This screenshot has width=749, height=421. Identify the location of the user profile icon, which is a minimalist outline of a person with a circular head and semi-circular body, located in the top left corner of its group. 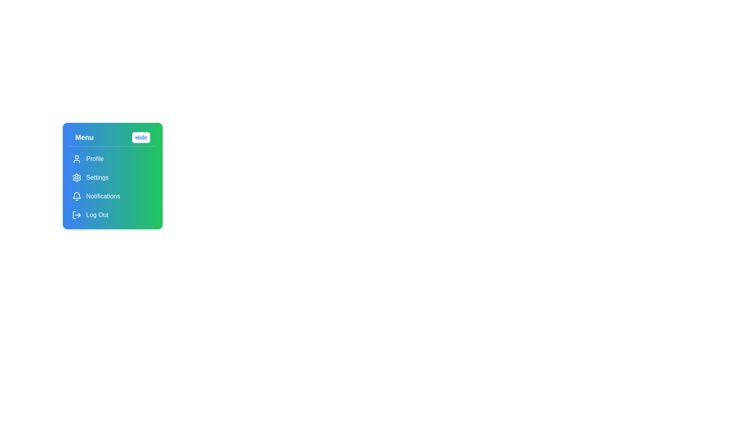
(76, 159).